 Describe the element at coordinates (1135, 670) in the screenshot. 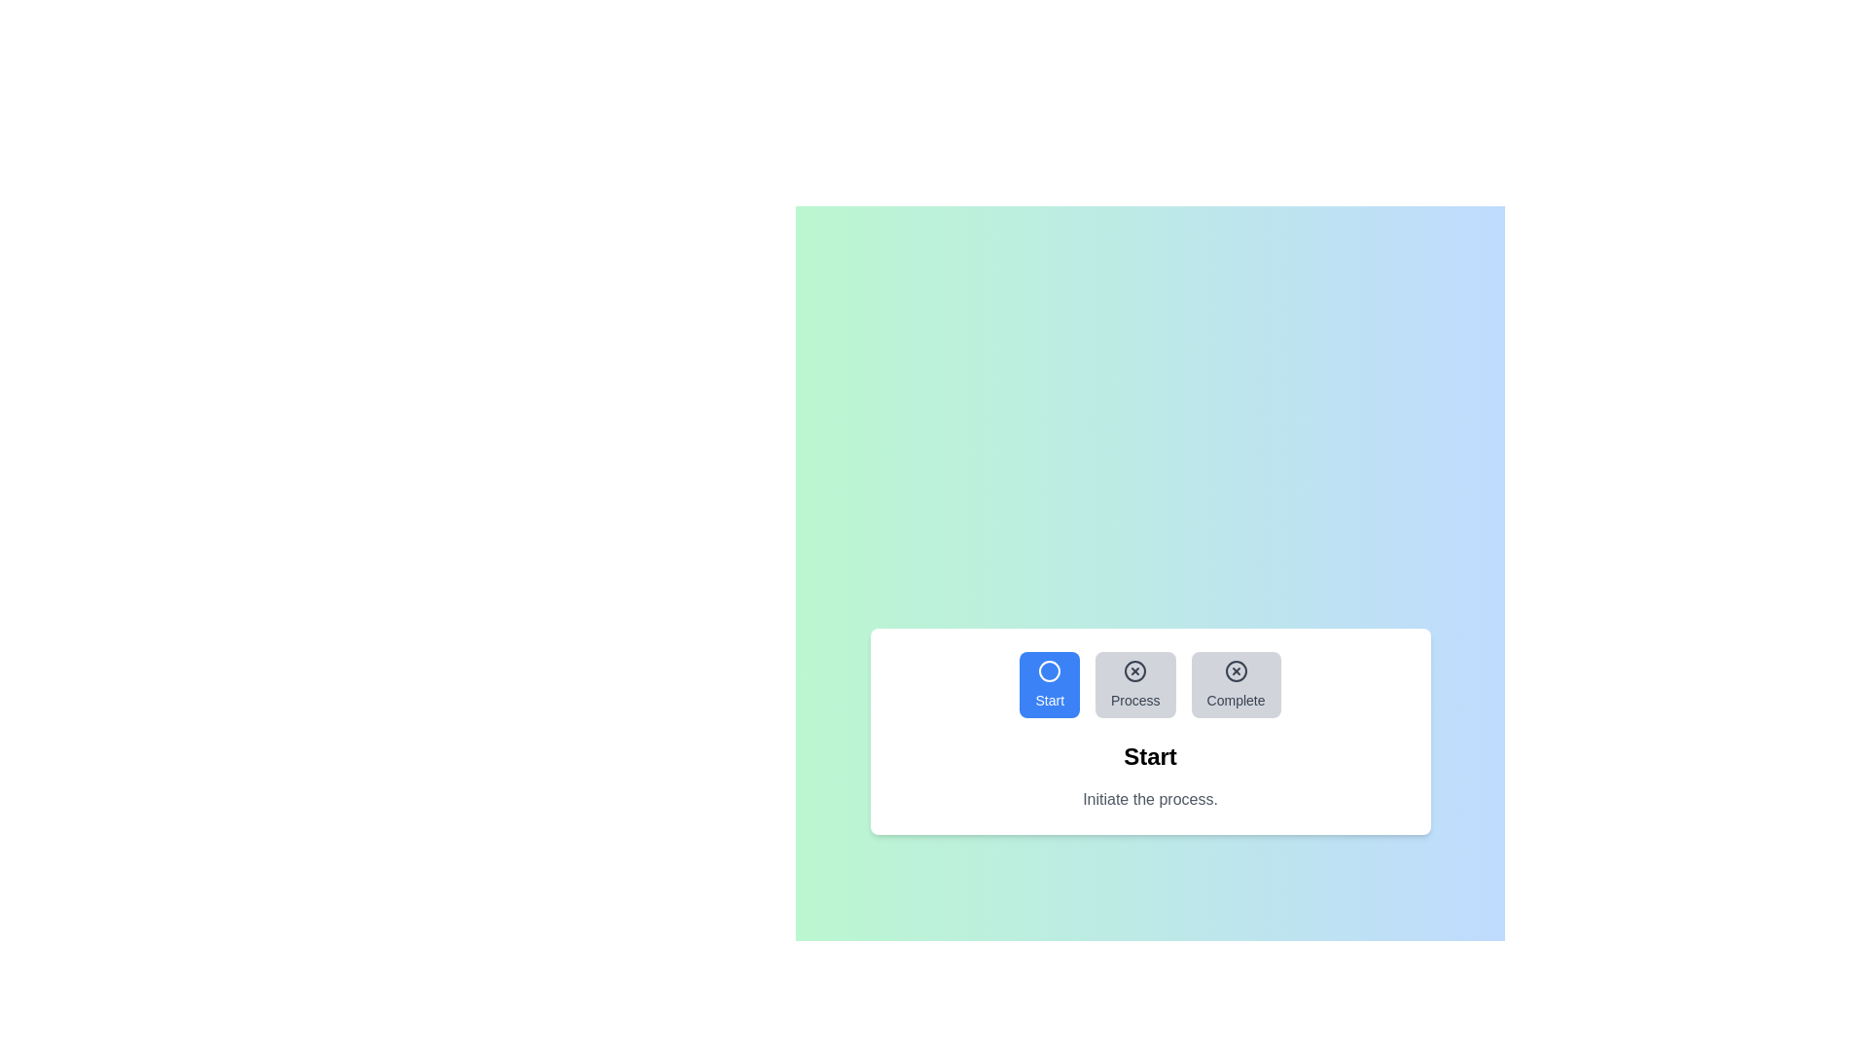

I see `the circular icon with a cross (X) in the center, which is part of the 'Process' button and located second from the left in the button group` at that location.